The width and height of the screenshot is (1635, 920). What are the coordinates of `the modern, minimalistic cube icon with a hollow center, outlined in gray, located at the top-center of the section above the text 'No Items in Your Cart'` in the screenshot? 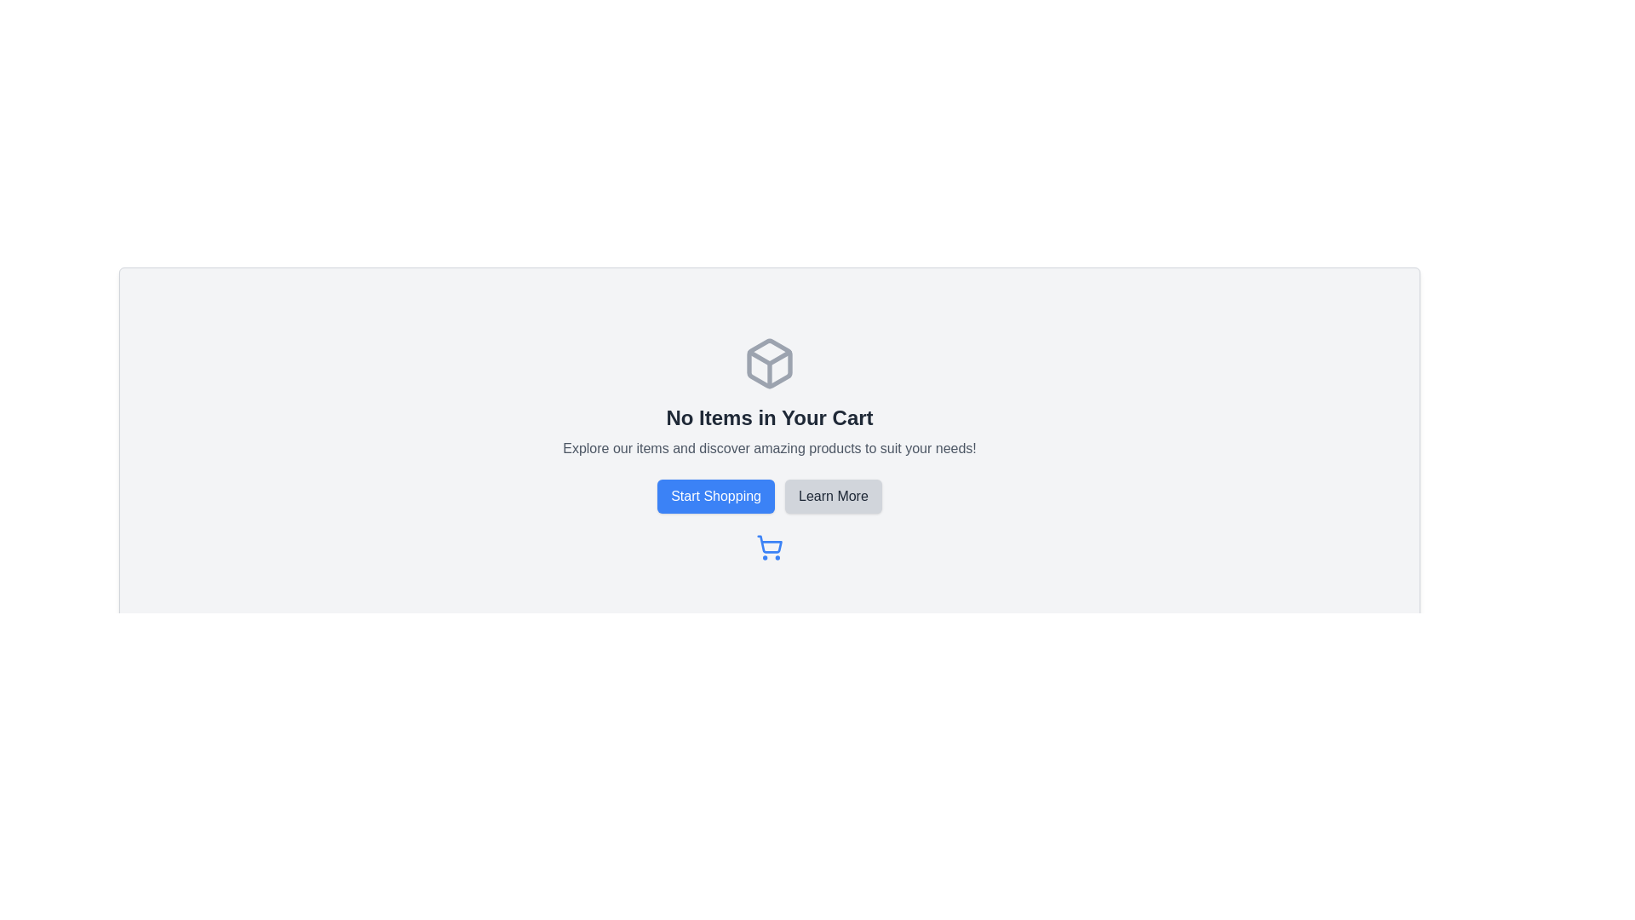 It's located at (768, 363).